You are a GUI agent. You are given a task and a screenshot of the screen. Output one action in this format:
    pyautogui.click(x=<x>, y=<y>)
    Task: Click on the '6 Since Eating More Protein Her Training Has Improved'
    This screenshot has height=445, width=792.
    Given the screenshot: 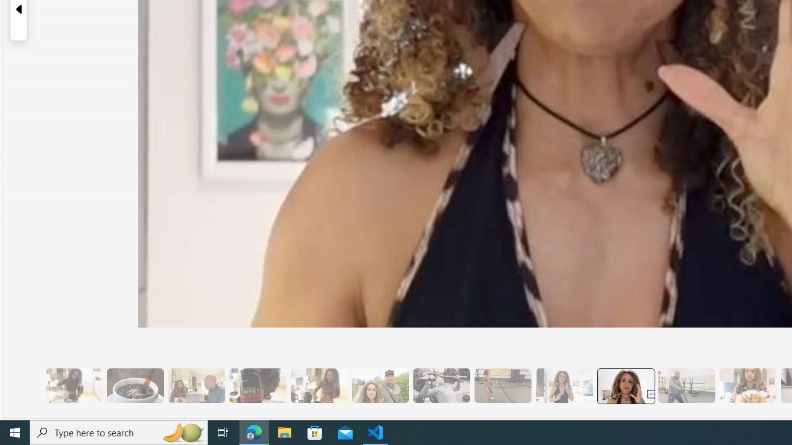 What is the action you would take?
    pyautogui.click(x=257, y=385)
    